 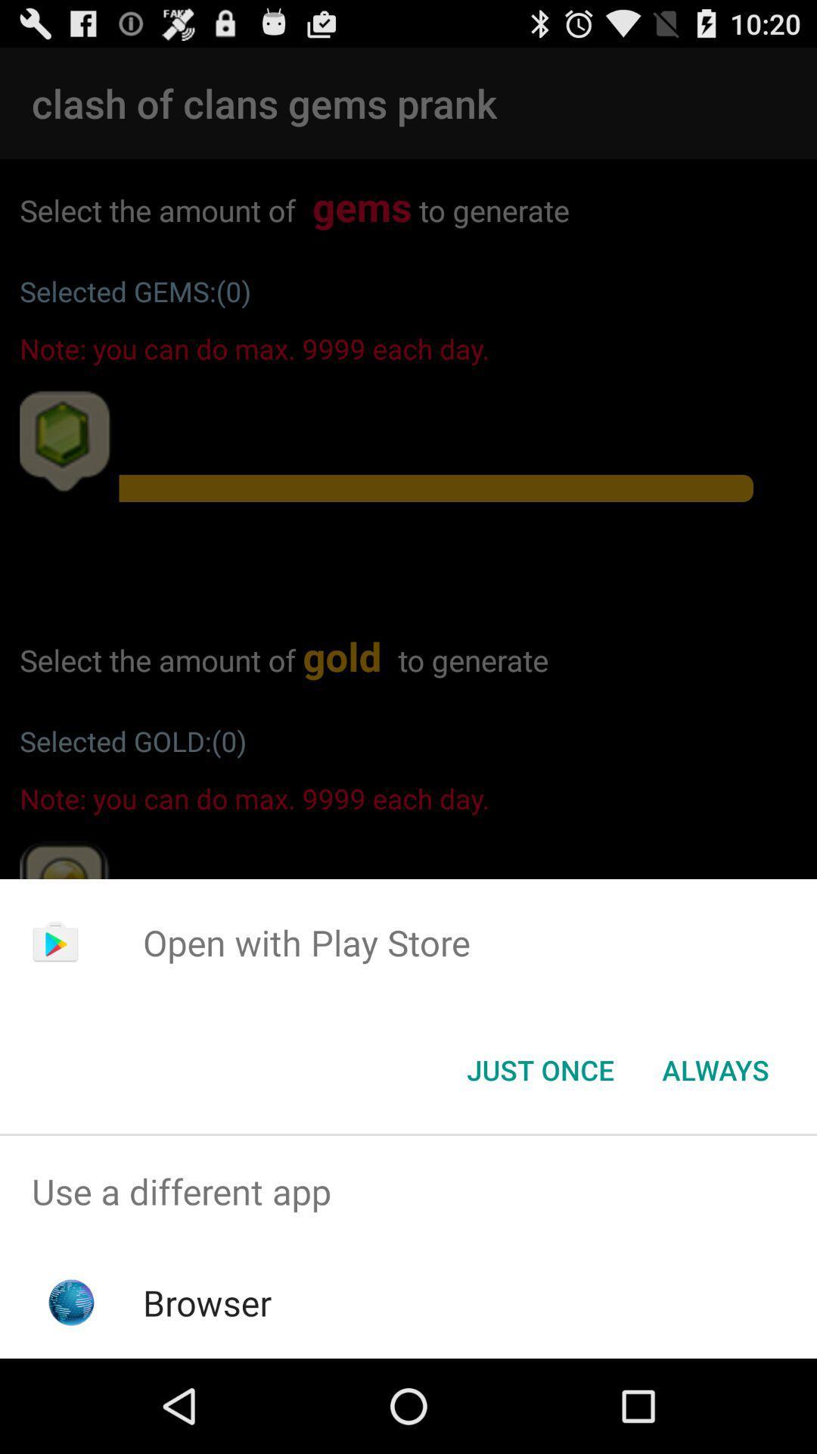 I want to click on the use a different app, so click(x=408, y=1190).